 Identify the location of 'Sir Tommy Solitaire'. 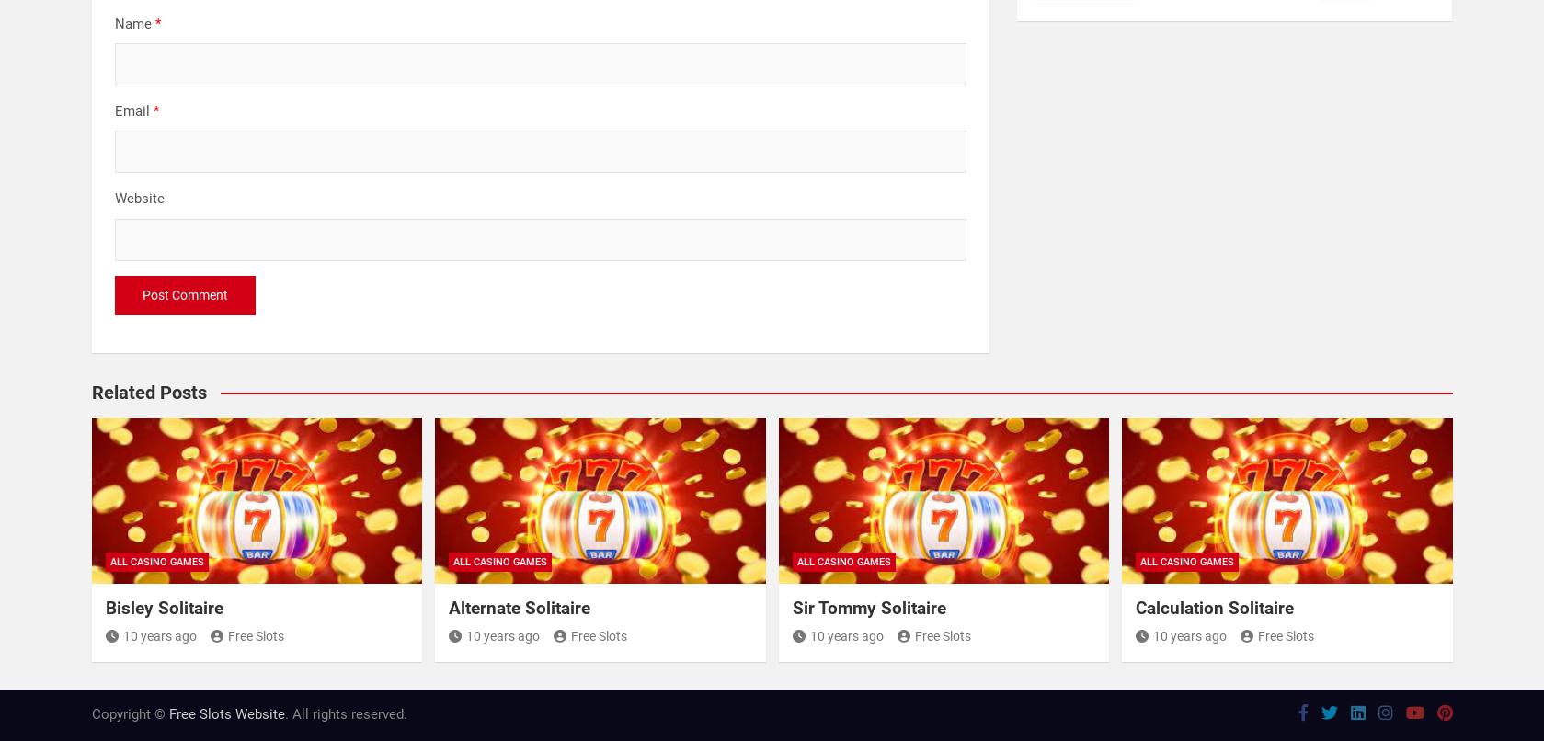
(867, 607).